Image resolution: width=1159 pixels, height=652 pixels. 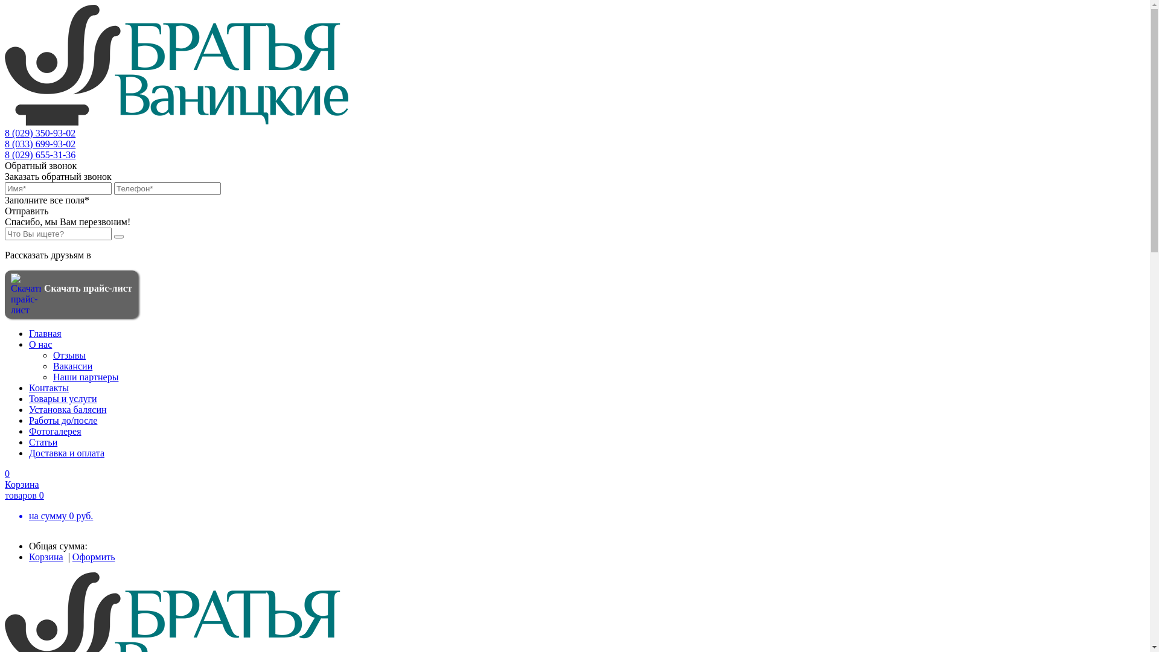 I want to click on '8 (033) 699-93-02', so click(x=40, y=143).